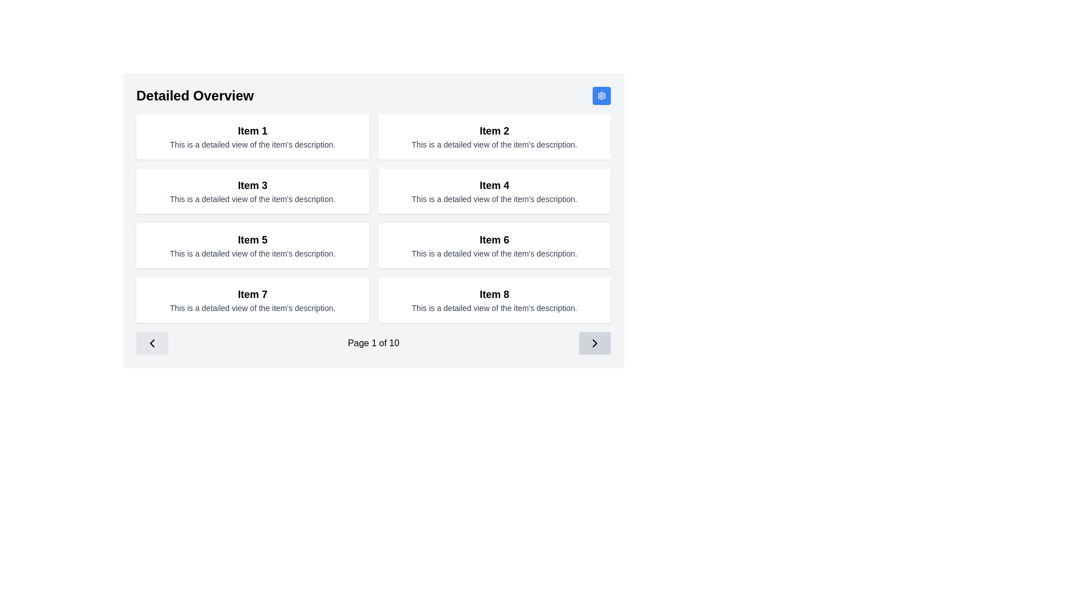  Describe the element at coordinates (494, 190) in the screenshot. I see `the display card that presents the title 'Item 4' and its descriptive text, located in the second row and second column of the grid layout` at that location.